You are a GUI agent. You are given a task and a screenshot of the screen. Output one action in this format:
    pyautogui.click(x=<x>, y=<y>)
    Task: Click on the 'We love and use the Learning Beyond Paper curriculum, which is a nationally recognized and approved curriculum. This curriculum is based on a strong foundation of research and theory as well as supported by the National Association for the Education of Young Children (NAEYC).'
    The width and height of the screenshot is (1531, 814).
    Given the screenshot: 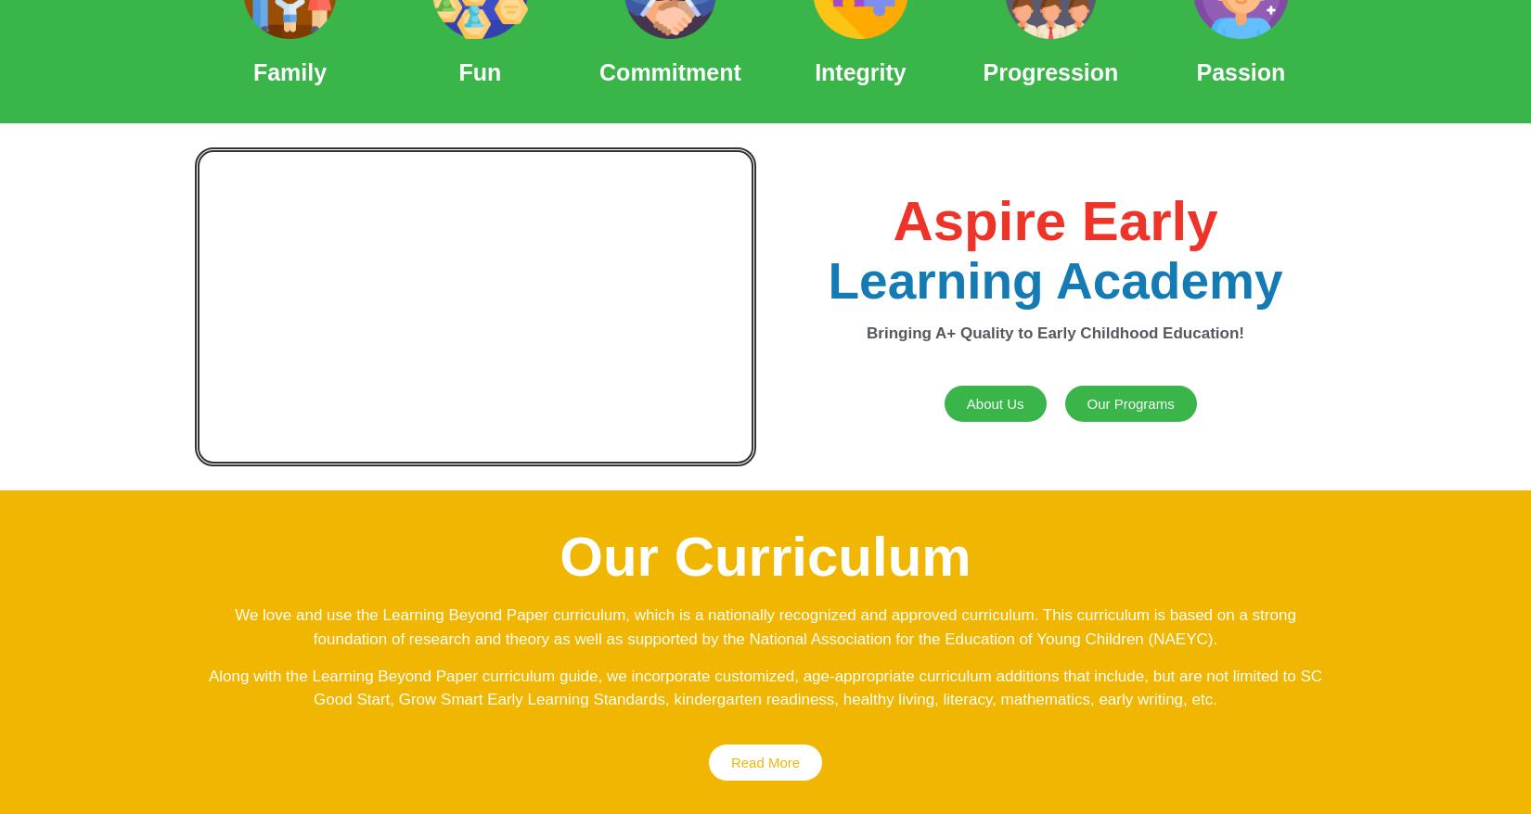 What is the action you would take?
    pyautogui.click(x=764, y=626)
    